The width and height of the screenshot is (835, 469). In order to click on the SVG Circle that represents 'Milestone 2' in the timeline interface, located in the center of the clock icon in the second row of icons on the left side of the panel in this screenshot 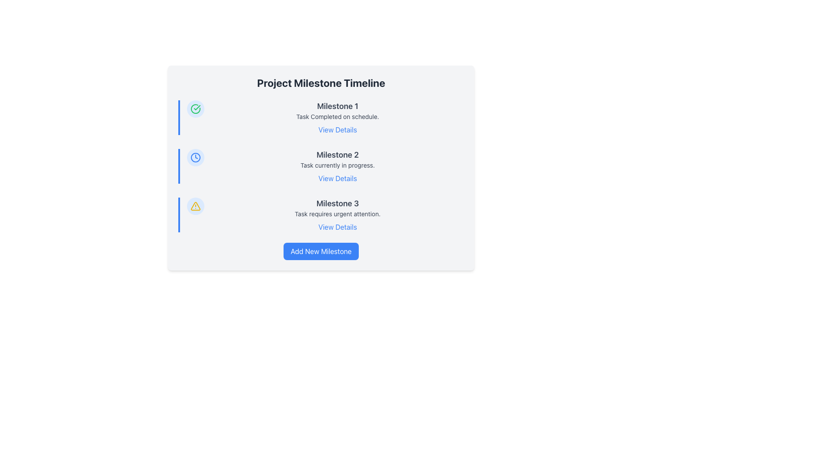, I will do `click(195, 157)`.